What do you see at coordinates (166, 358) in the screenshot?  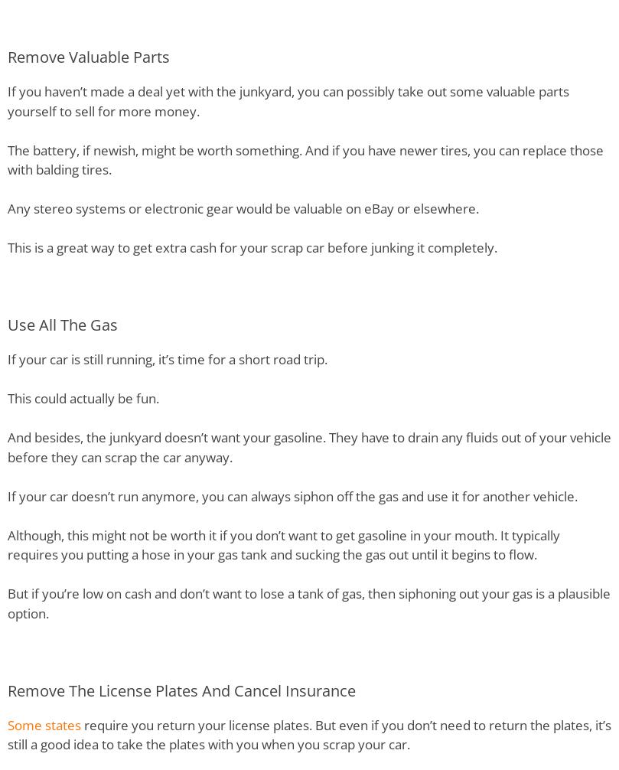 I see `'If your car is still running, it’s time for a short road trip.'` at bounding box center [166, 358].